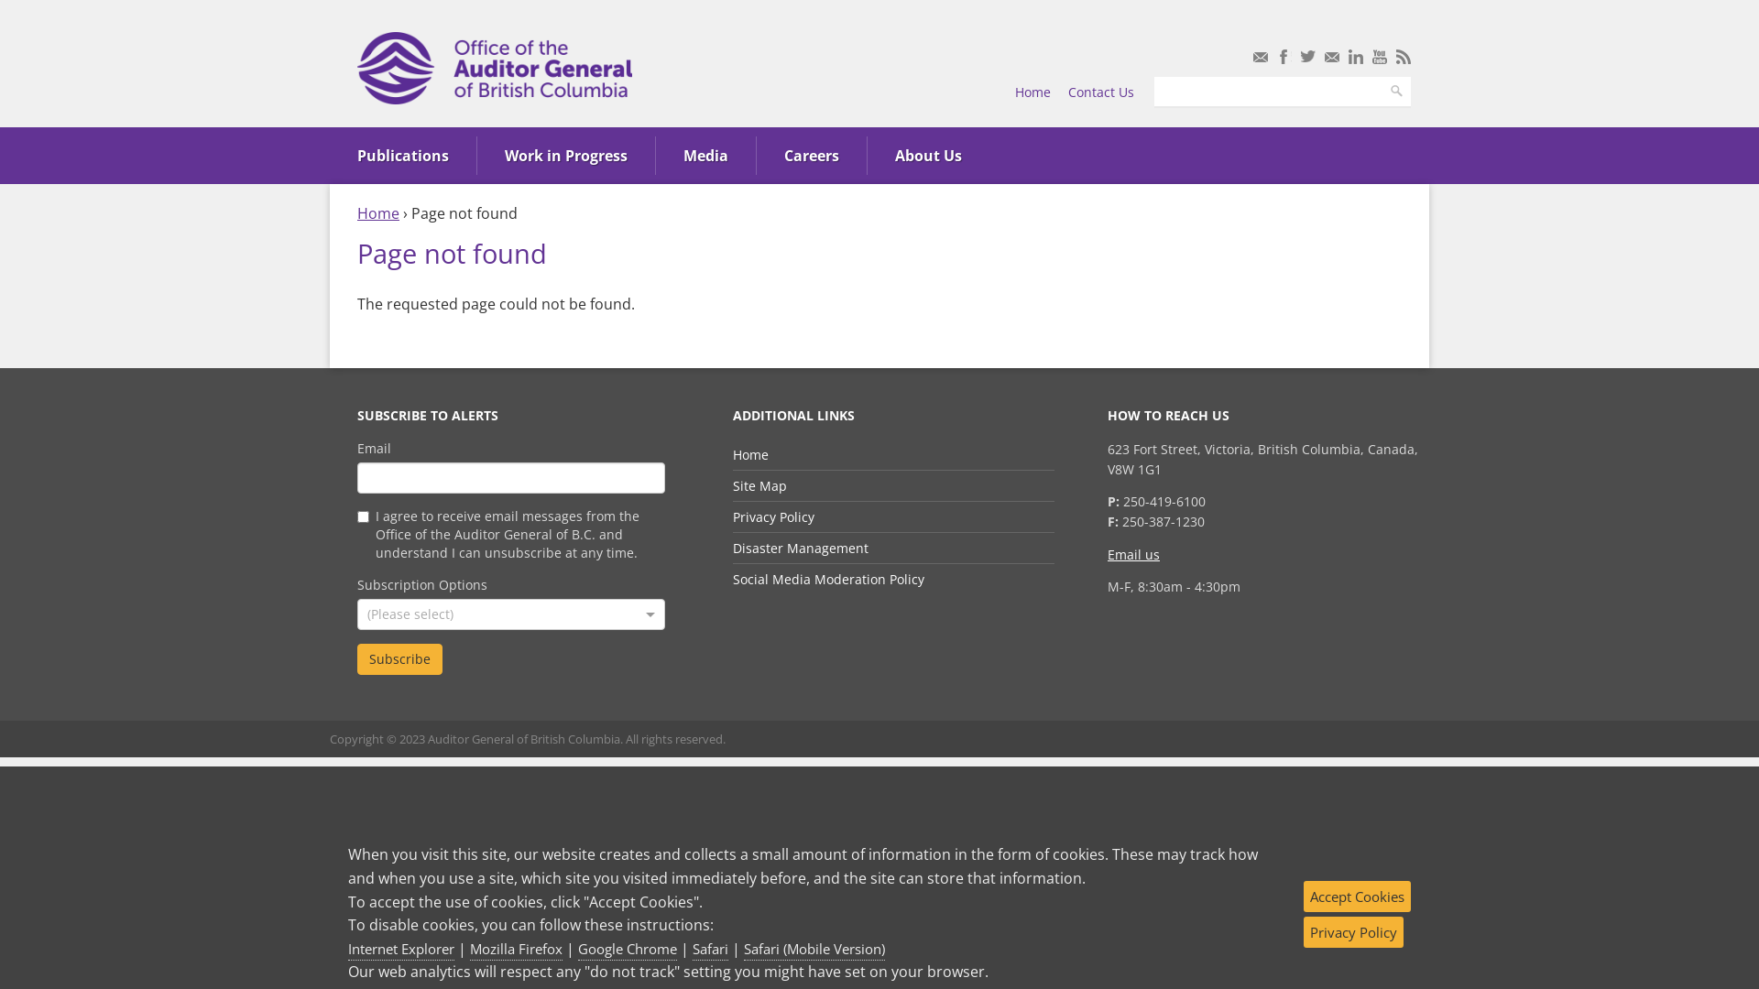 The image size is (1759, 989). Describe the element at coordinates (399, 949) in the screenshot. I see `'Internet Explorer'` at that location.